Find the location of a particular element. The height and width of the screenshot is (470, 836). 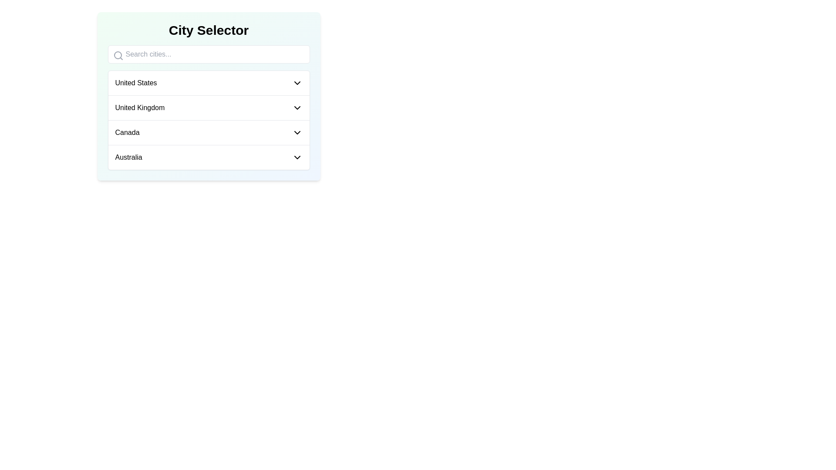

the gray magnifying glass icon located on the left side of the search bar, near the input field's placeholder text is located at coordinates (118, 55).